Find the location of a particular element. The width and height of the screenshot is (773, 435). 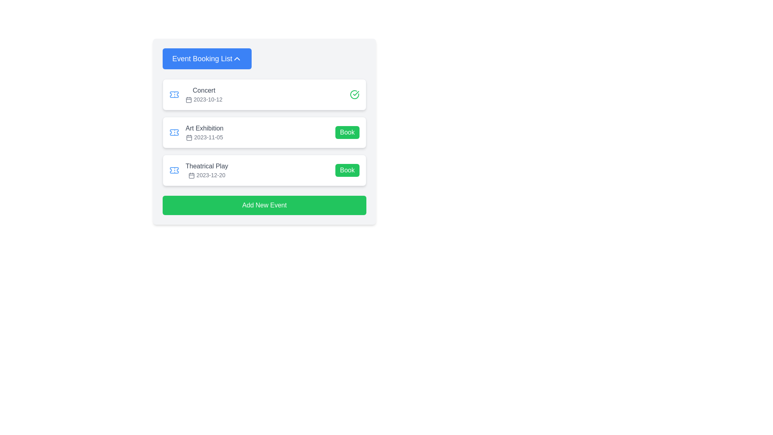

the non-interactive text label displaying the title 'Theatrical Play' located in the third position of the event list is located at coordinates (207, 166).